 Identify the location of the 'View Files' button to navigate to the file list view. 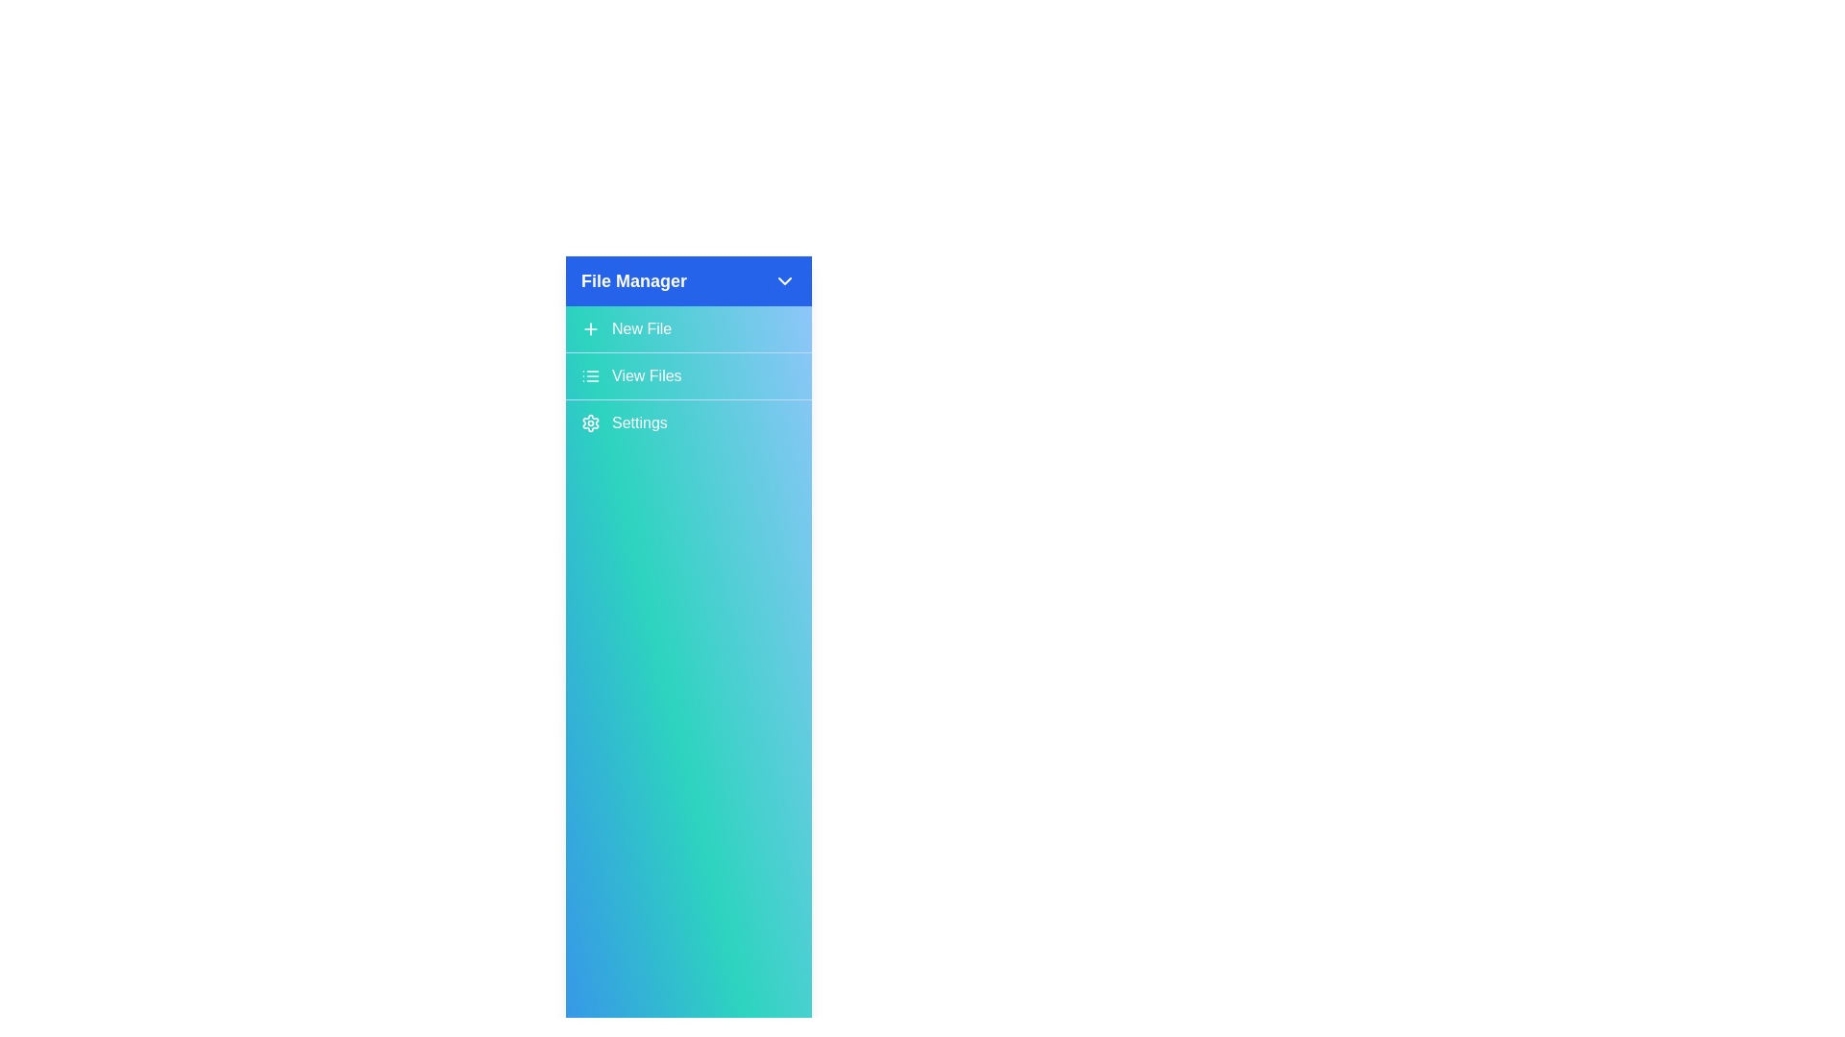
(688, 375).